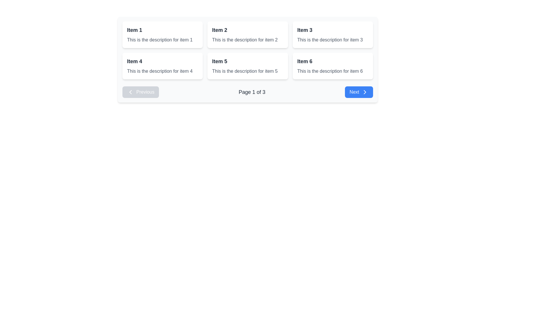  I want to click on the text label providing a description for 'Item 6', located under the bolded title 'Item 6' in the lower right corner of the grid layout, so click(330, 71).